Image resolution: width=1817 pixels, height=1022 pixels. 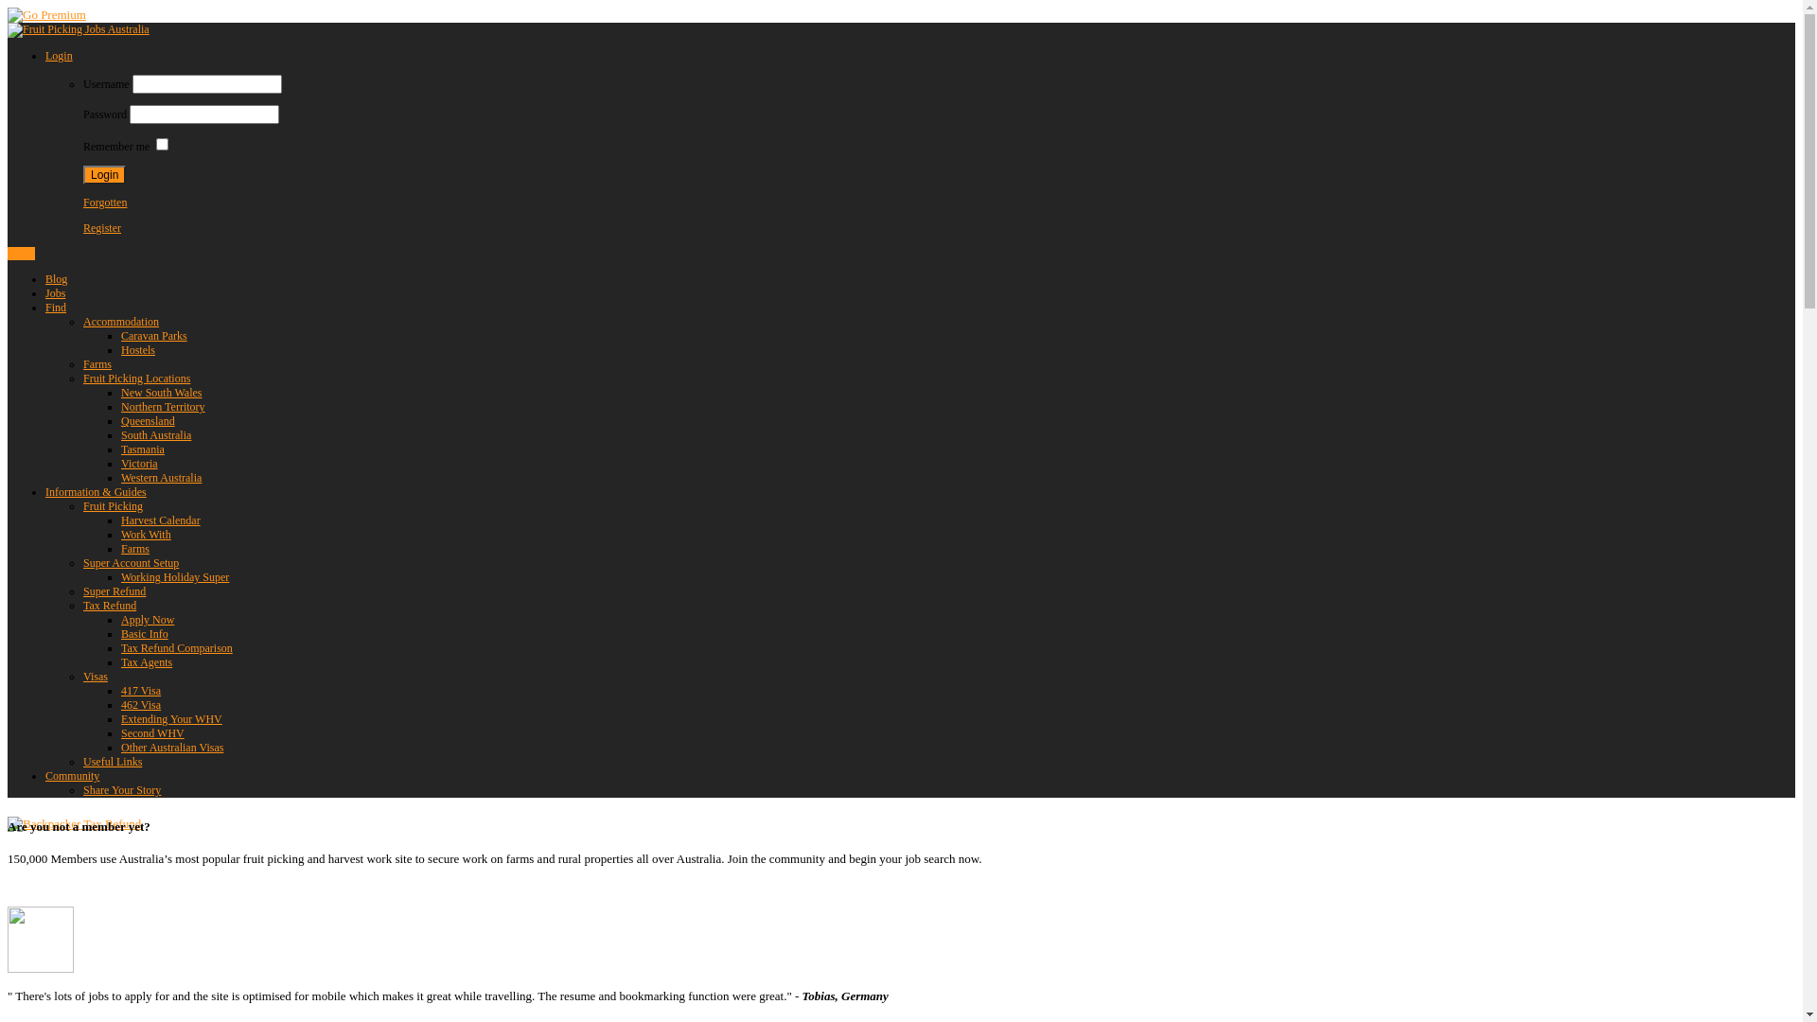 I want to click on 'Farms', so click(x=120, y=548).